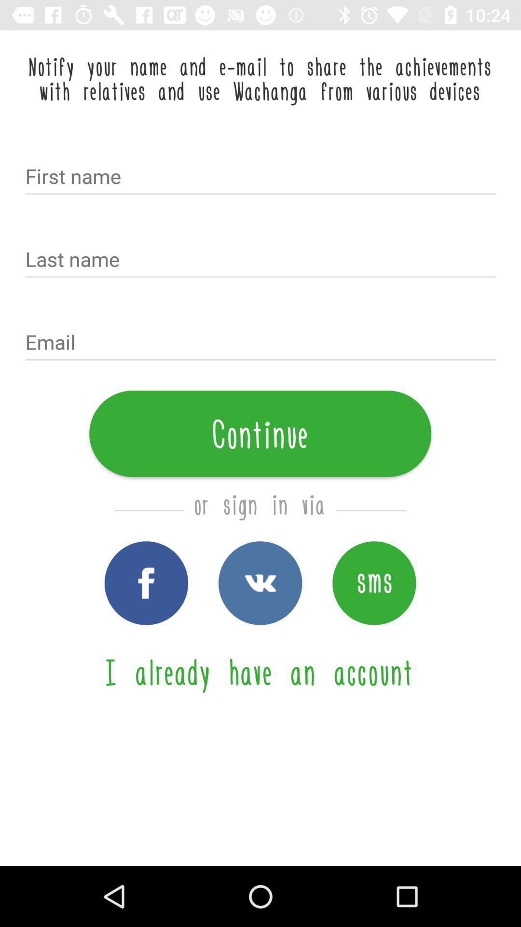 The width and height of the screenshot is (521, 927). I want to click on the icon above or sign in, so click(260, 433).